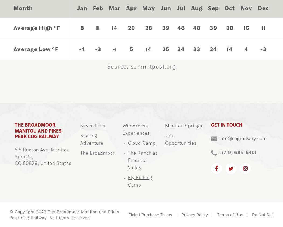  Describe the element at coordinates (180, 139) in the screenshot. I see `'Job Opportunities'` at that location.